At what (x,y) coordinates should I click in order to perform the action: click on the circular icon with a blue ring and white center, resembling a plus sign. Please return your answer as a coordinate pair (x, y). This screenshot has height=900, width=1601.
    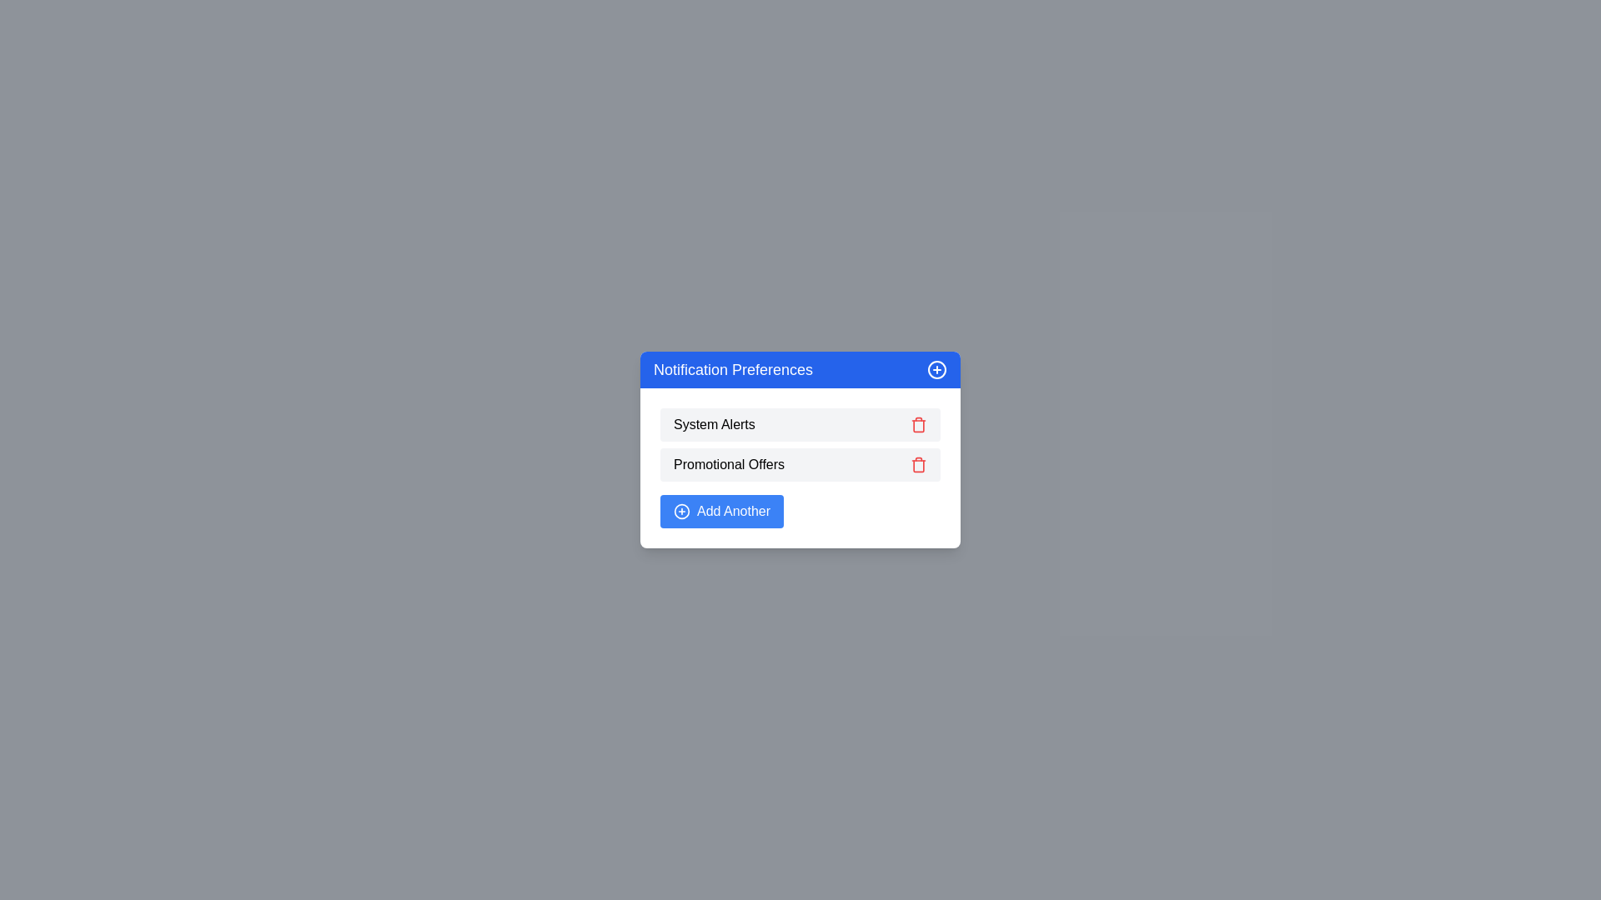
    Looking at the image, I should click on (936, 368).